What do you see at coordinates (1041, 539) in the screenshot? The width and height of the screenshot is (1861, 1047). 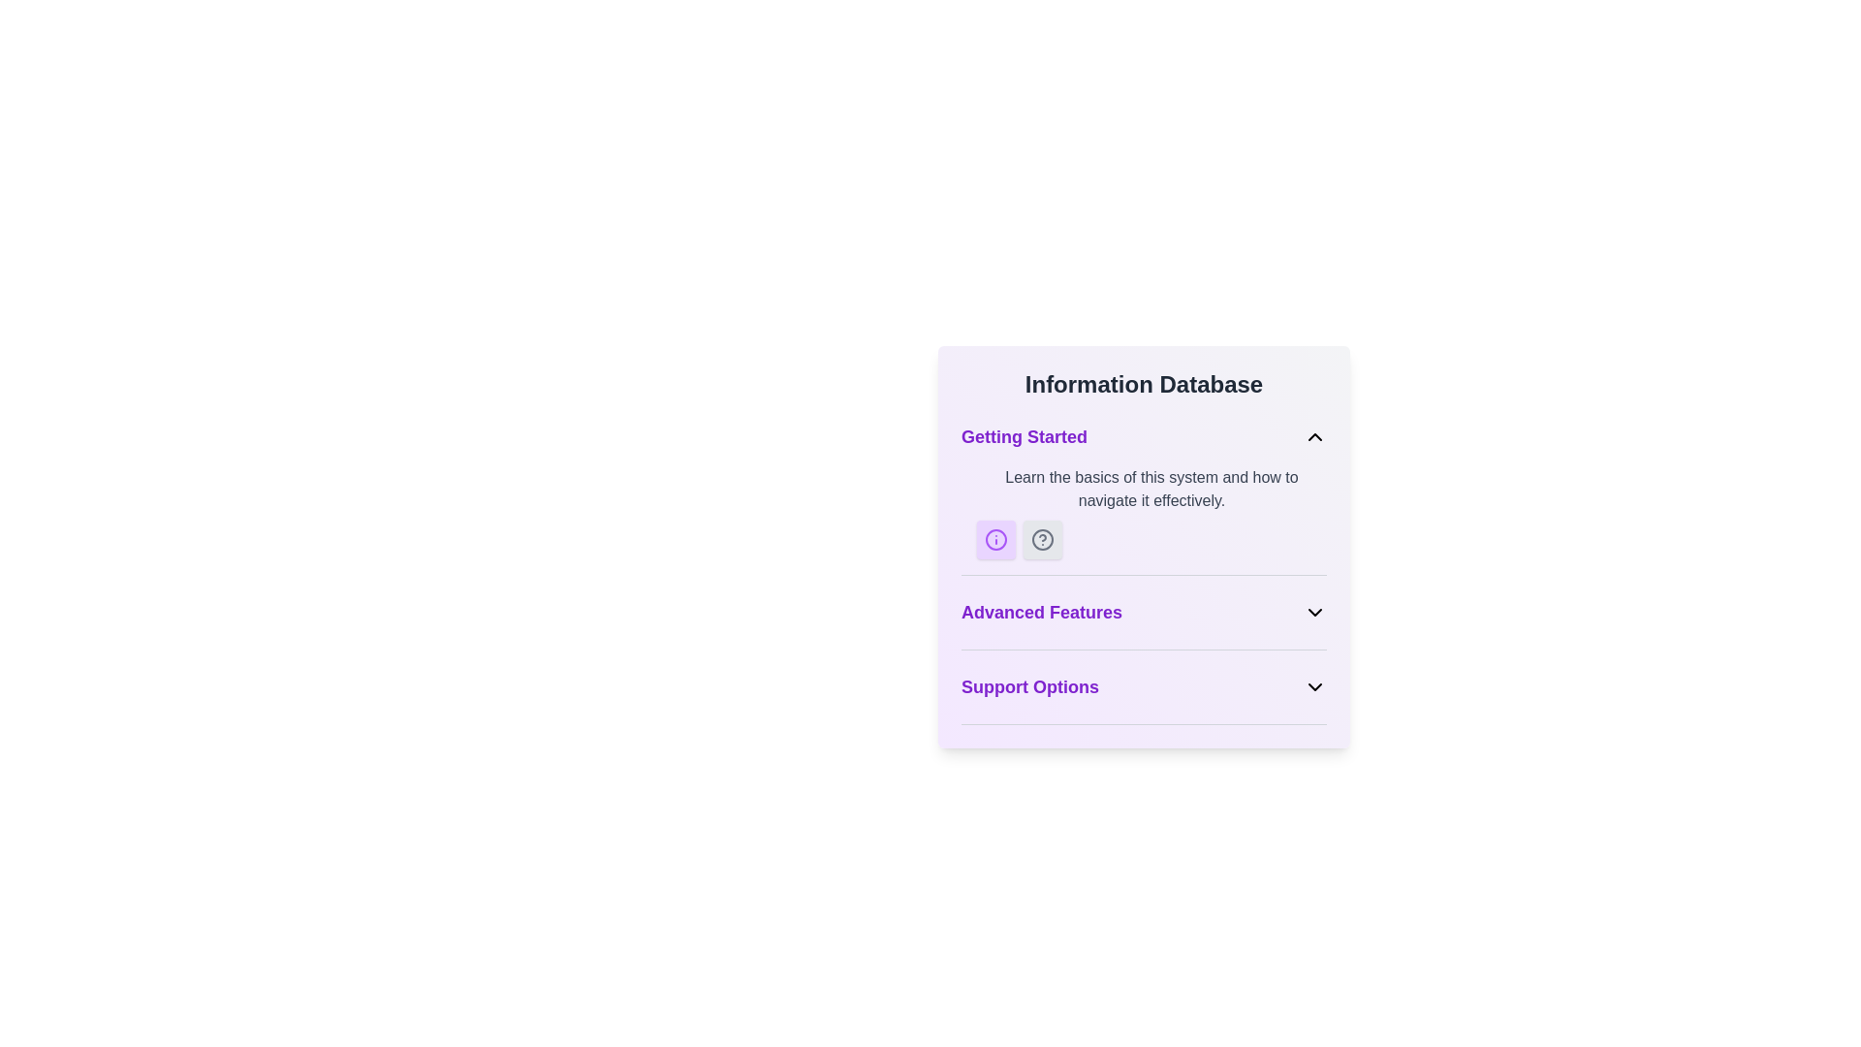 I see `the central circular SVG element of the help icon located in the 'Getting Started' section under the 'Information Database' header` at bounding box center [1041, 539].